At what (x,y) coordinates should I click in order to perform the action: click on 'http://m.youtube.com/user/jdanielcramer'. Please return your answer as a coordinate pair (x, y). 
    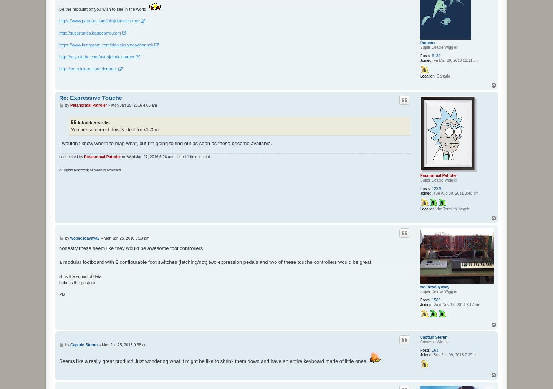
    Looking at the image, I should click on (58, 56).